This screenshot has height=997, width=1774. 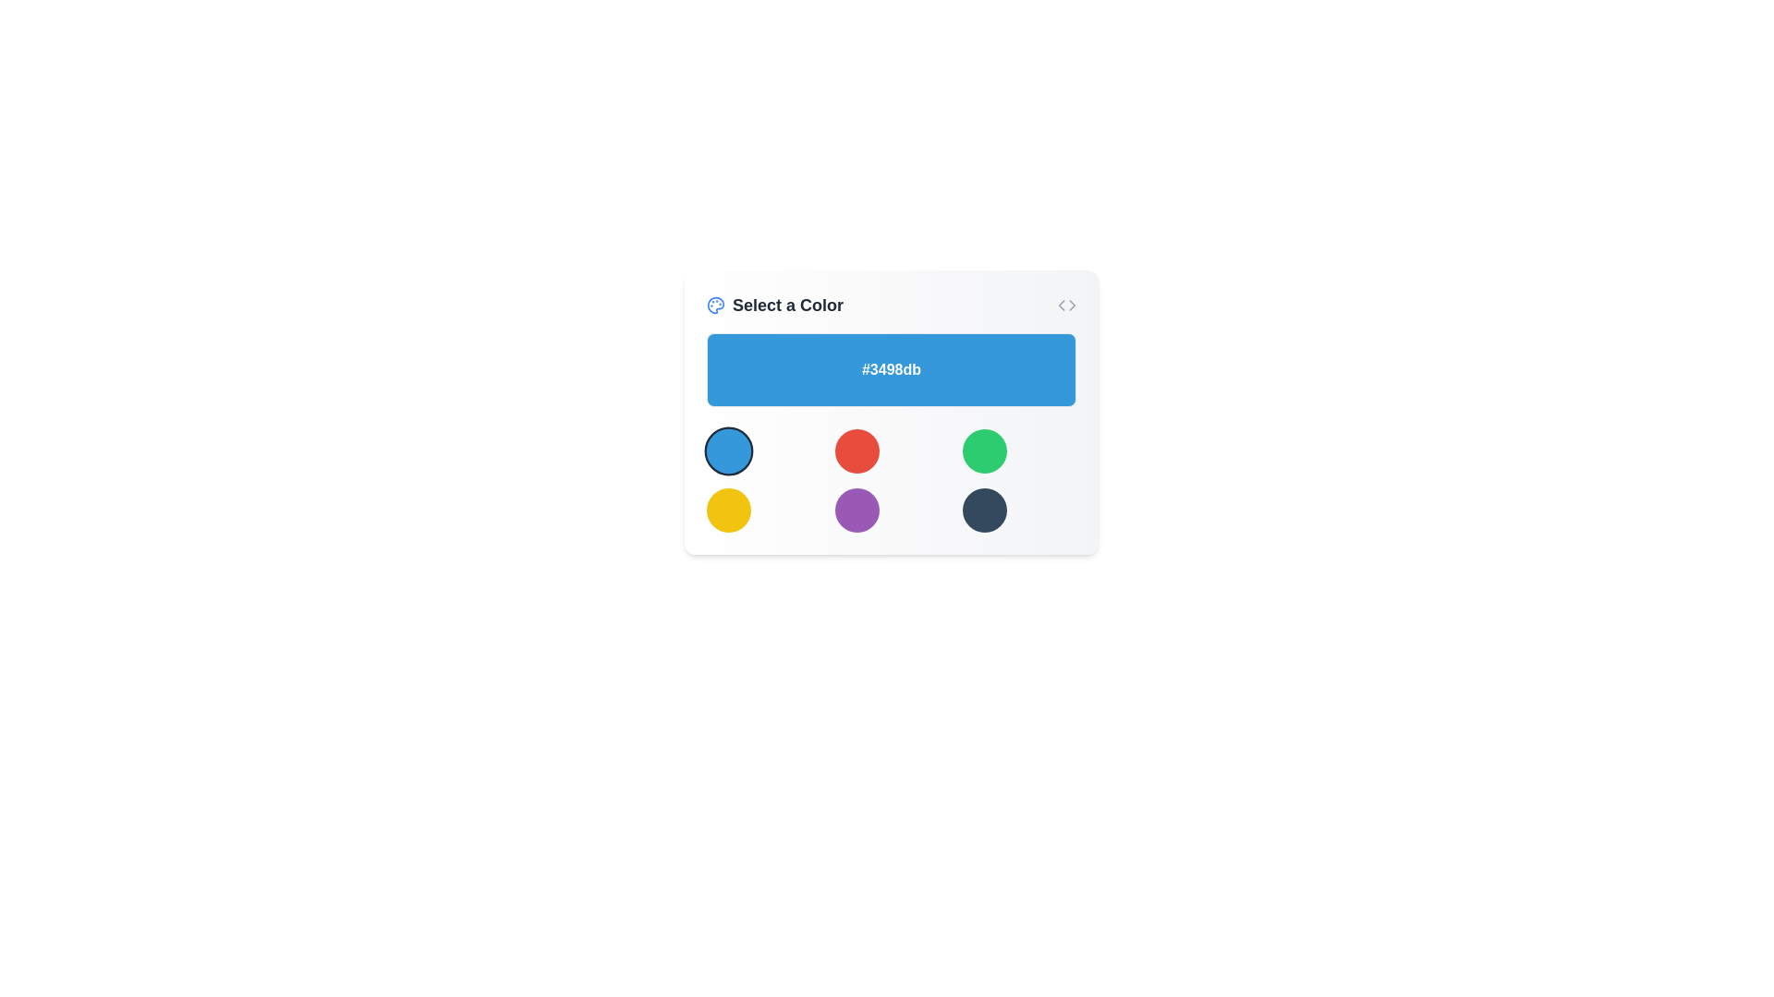 What do you see at coordinates (727, 451) in the screenshot?
I see `the prominent circular button with a blue background and dark border located at the top-left corner of the grid layout` at bounding box center [727, 451].